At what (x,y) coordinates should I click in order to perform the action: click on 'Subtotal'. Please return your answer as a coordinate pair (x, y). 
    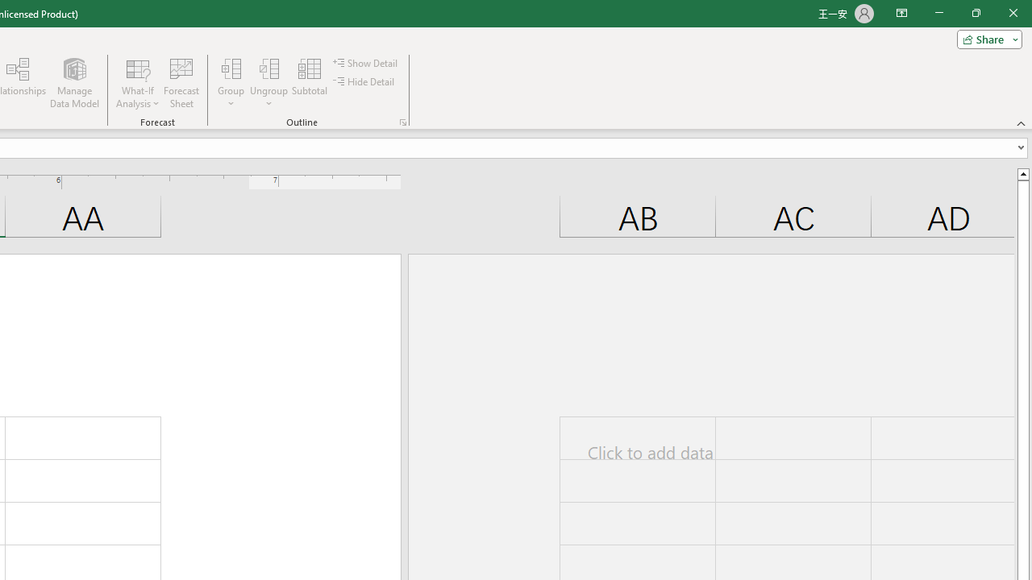
    Looking at the image, I should click on (310, 83).